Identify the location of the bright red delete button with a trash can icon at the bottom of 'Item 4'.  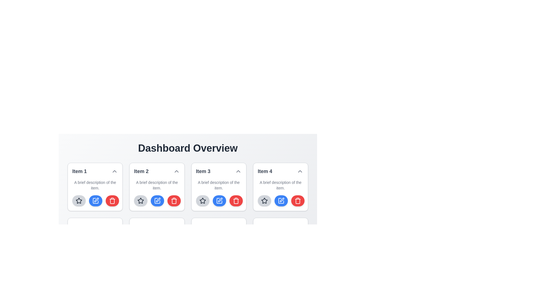
(174, 256).